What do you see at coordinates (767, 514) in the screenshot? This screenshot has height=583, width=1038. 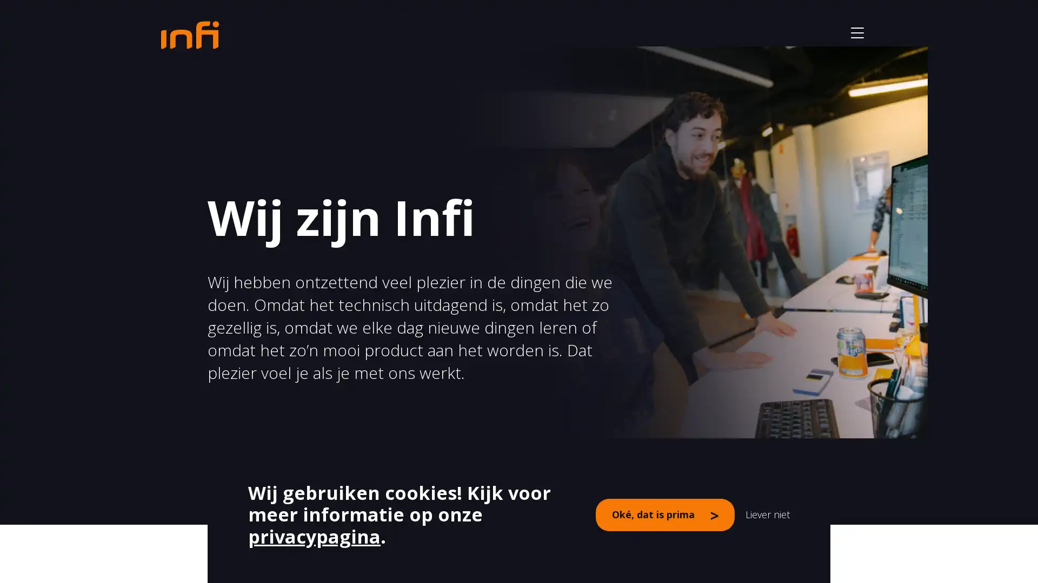 I see `Liever niet` at bounding box center [767, 514].